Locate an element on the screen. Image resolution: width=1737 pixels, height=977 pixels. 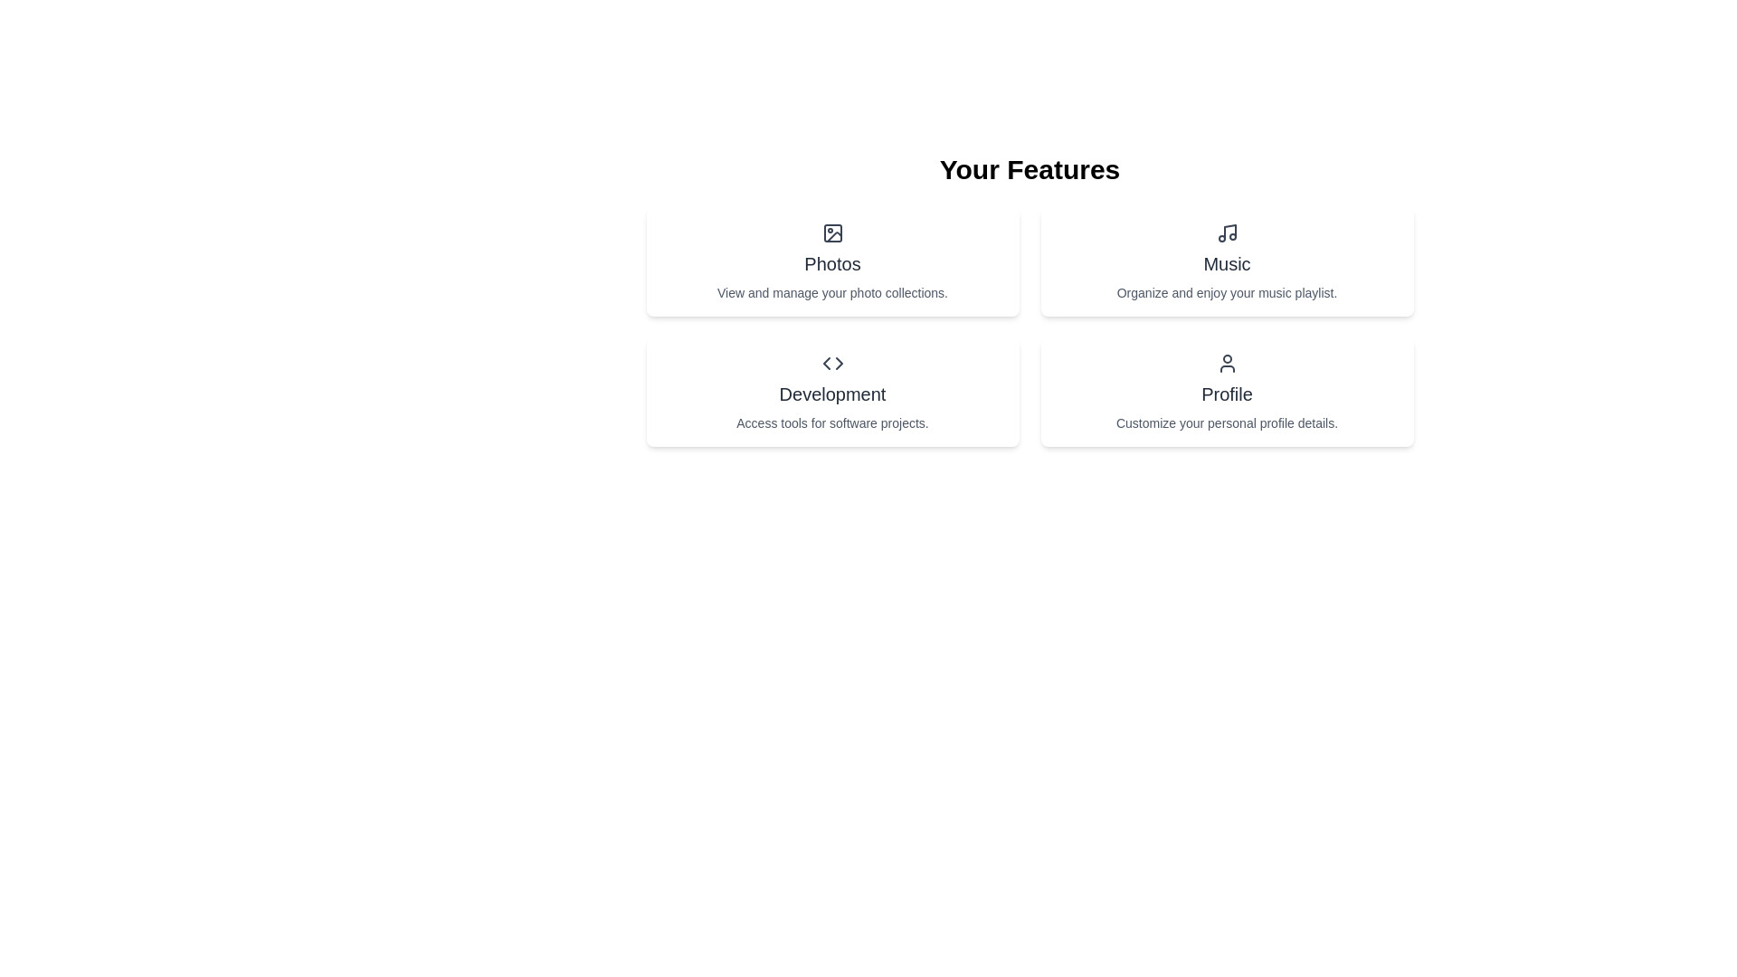
the Text Label that serves as a heading for customizing personal profile details, located in the middle column of a lower row in a 2x2 grid layout is located at coordinates (1227, 393).